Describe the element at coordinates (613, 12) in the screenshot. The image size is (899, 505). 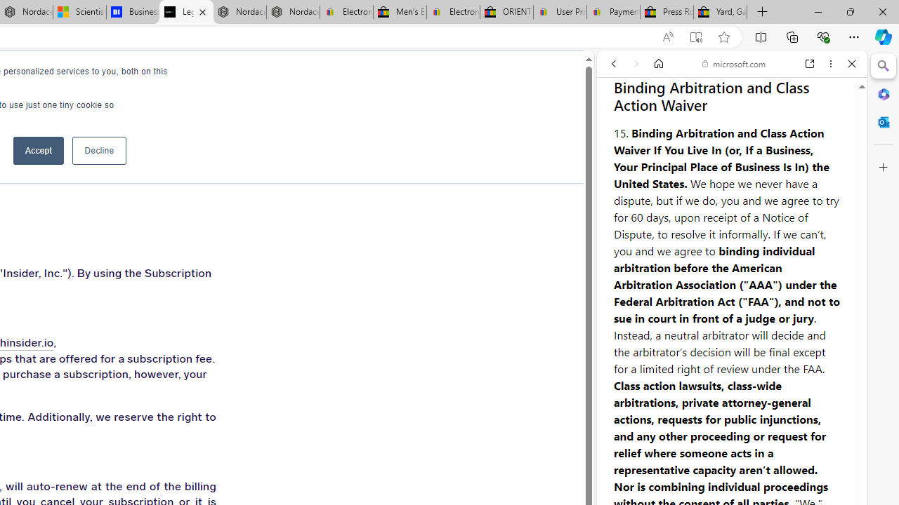
I see `'Payments Terms of Use | eBay.com'` at that location.